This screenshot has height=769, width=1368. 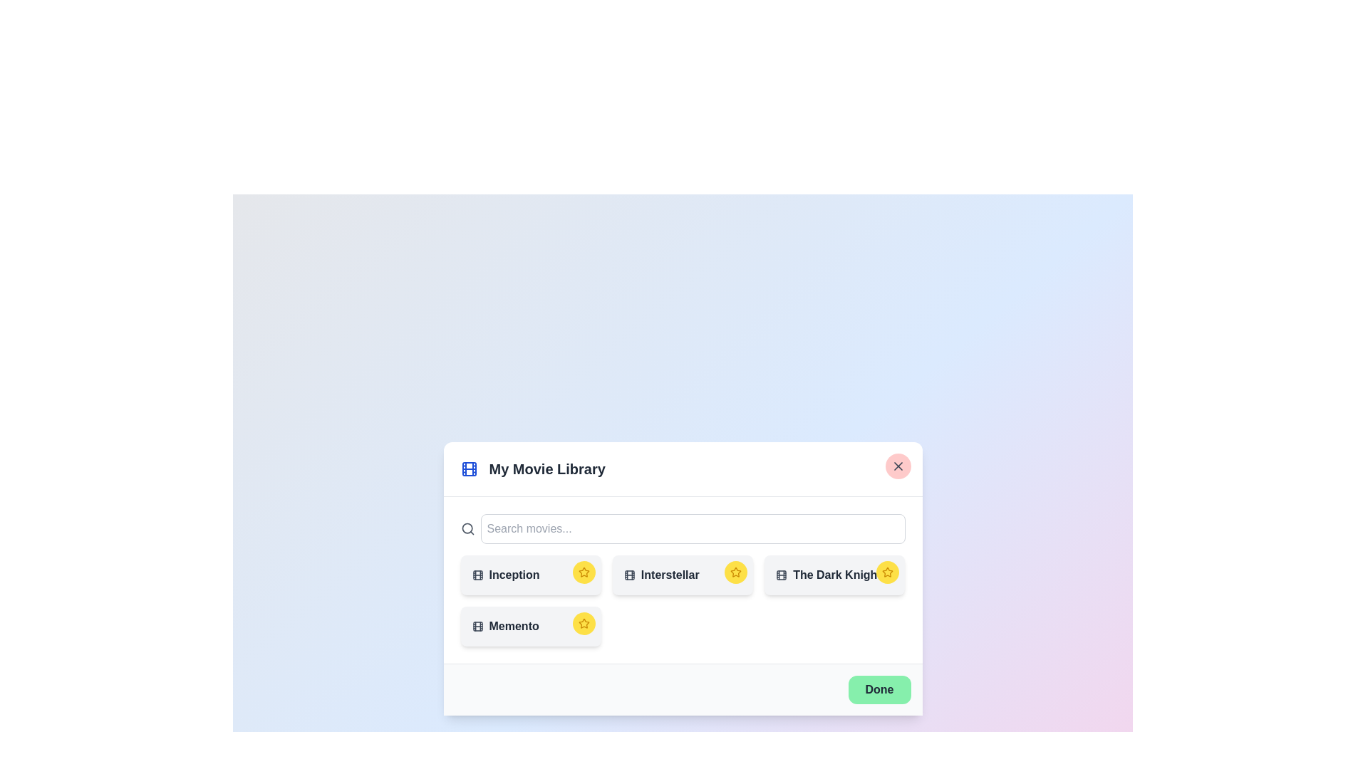 I want to click on the 'Memento' text label with the accompanying film reels icon located at the bottom half of the modal window, so click(x=530, y=625).